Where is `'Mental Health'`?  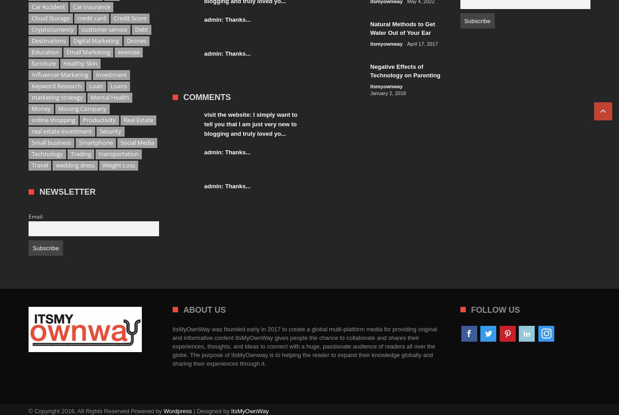
'Mental Health' is located at coordinates (90, 97).